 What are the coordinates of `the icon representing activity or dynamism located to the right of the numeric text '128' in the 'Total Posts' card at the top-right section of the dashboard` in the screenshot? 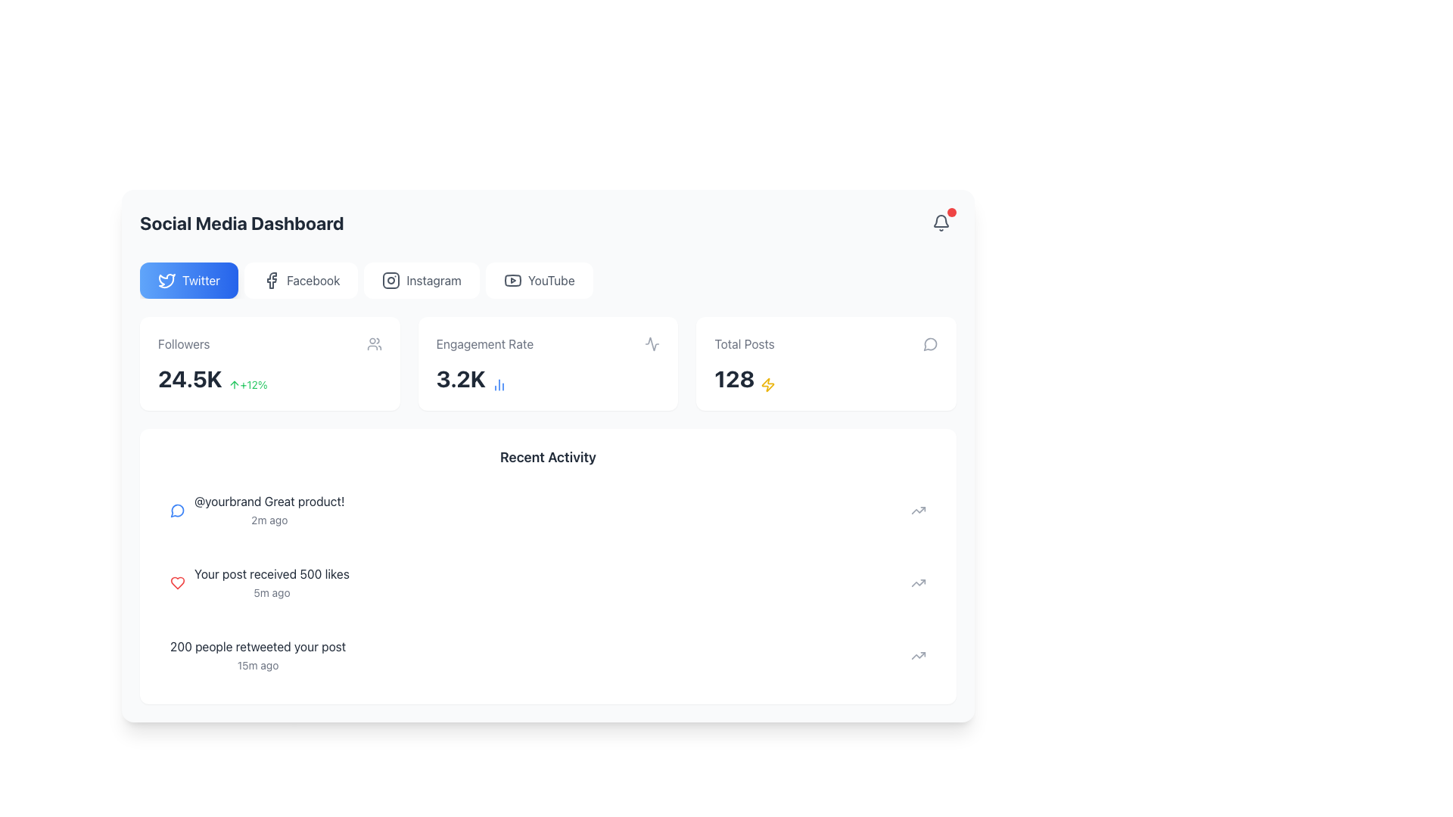 It's located at (768, 384).